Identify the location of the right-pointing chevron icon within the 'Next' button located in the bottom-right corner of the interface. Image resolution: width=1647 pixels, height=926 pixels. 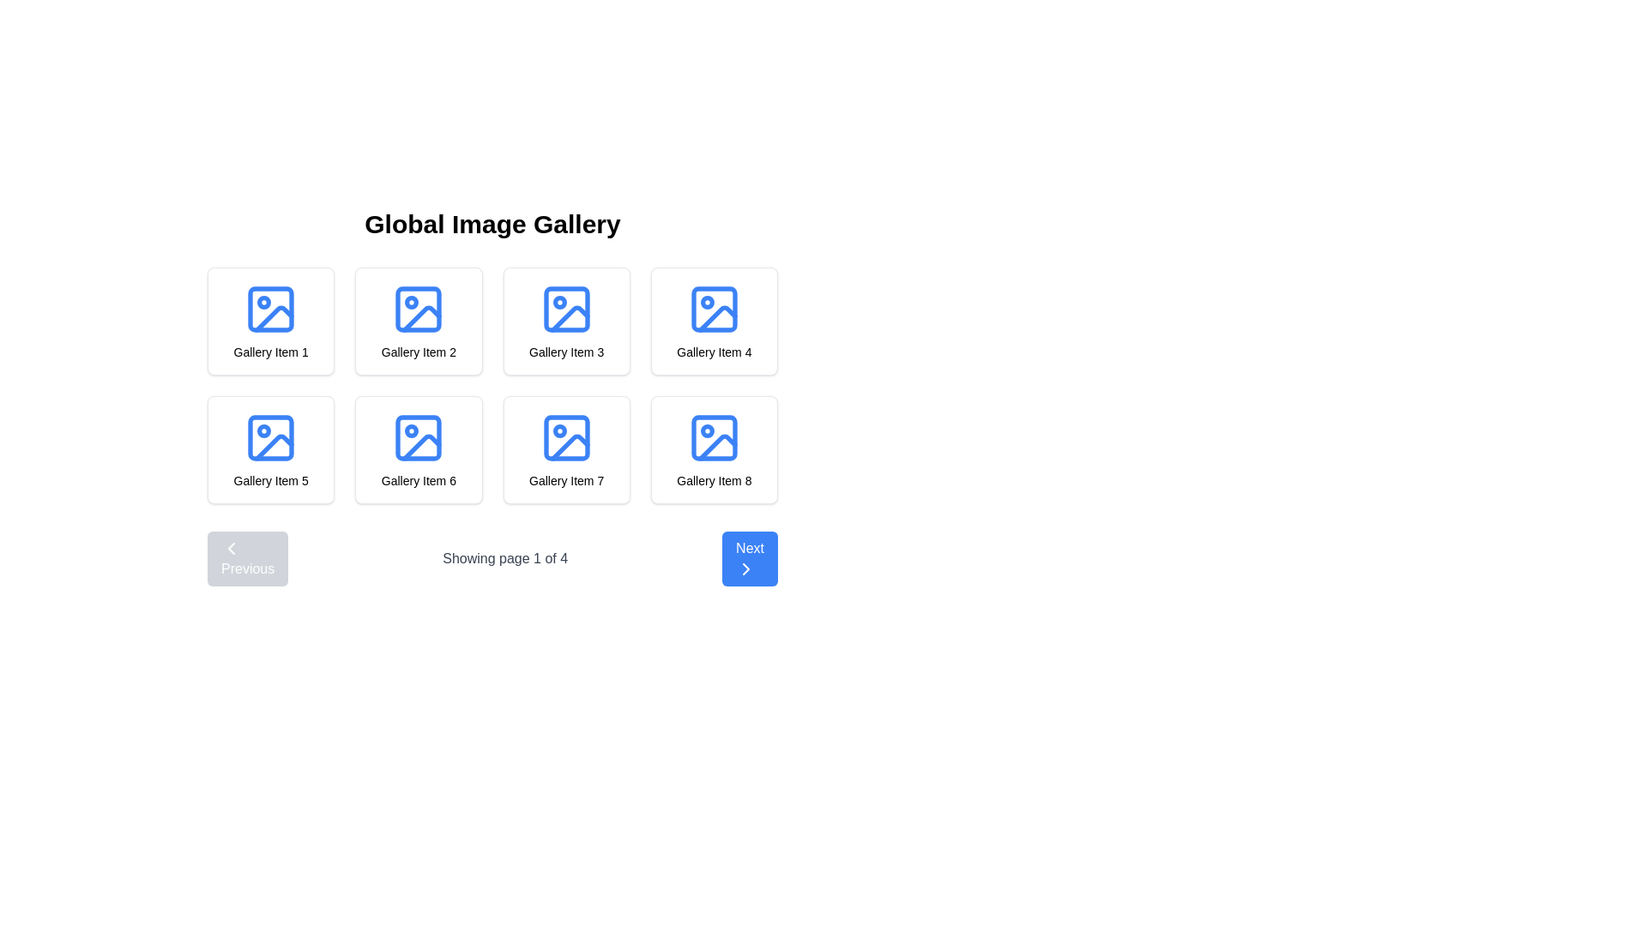
(746, 568).